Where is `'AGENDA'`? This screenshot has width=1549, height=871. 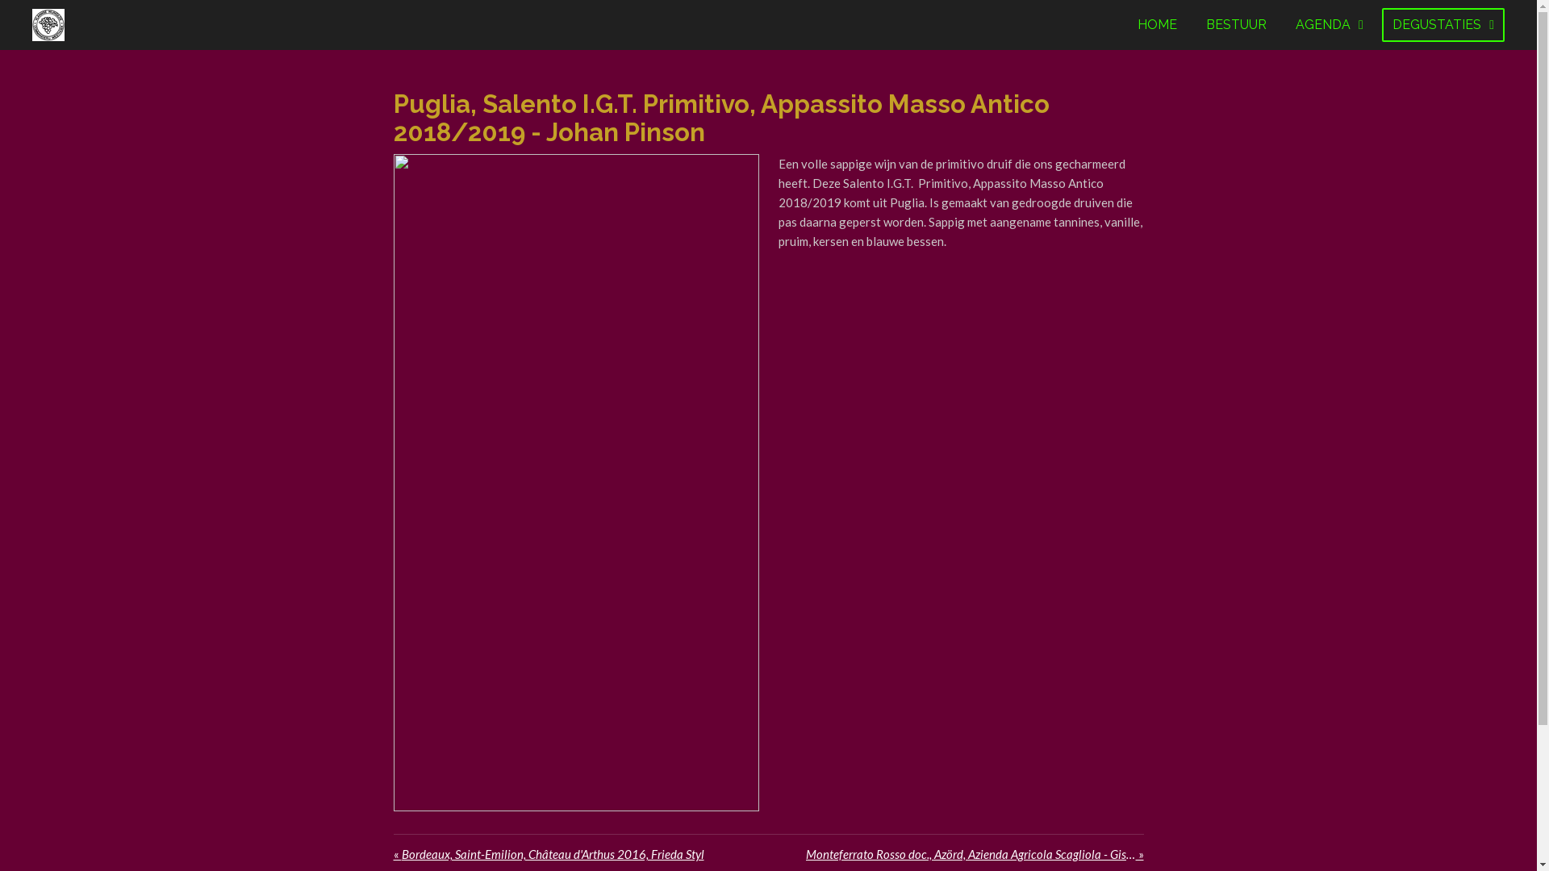 'AGENDA' is located at coordinates (1329, 24).